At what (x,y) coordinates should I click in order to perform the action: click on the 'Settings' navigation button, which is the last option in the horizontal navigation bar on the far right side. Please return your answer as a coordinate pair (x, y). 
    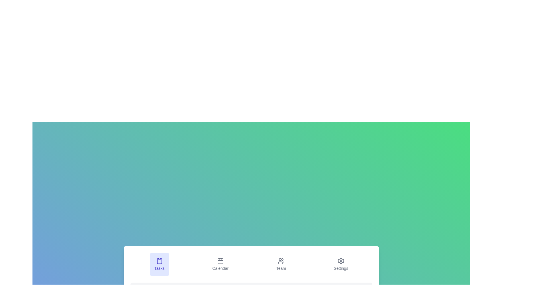
    Looking at the image, I should click on (341, 264).